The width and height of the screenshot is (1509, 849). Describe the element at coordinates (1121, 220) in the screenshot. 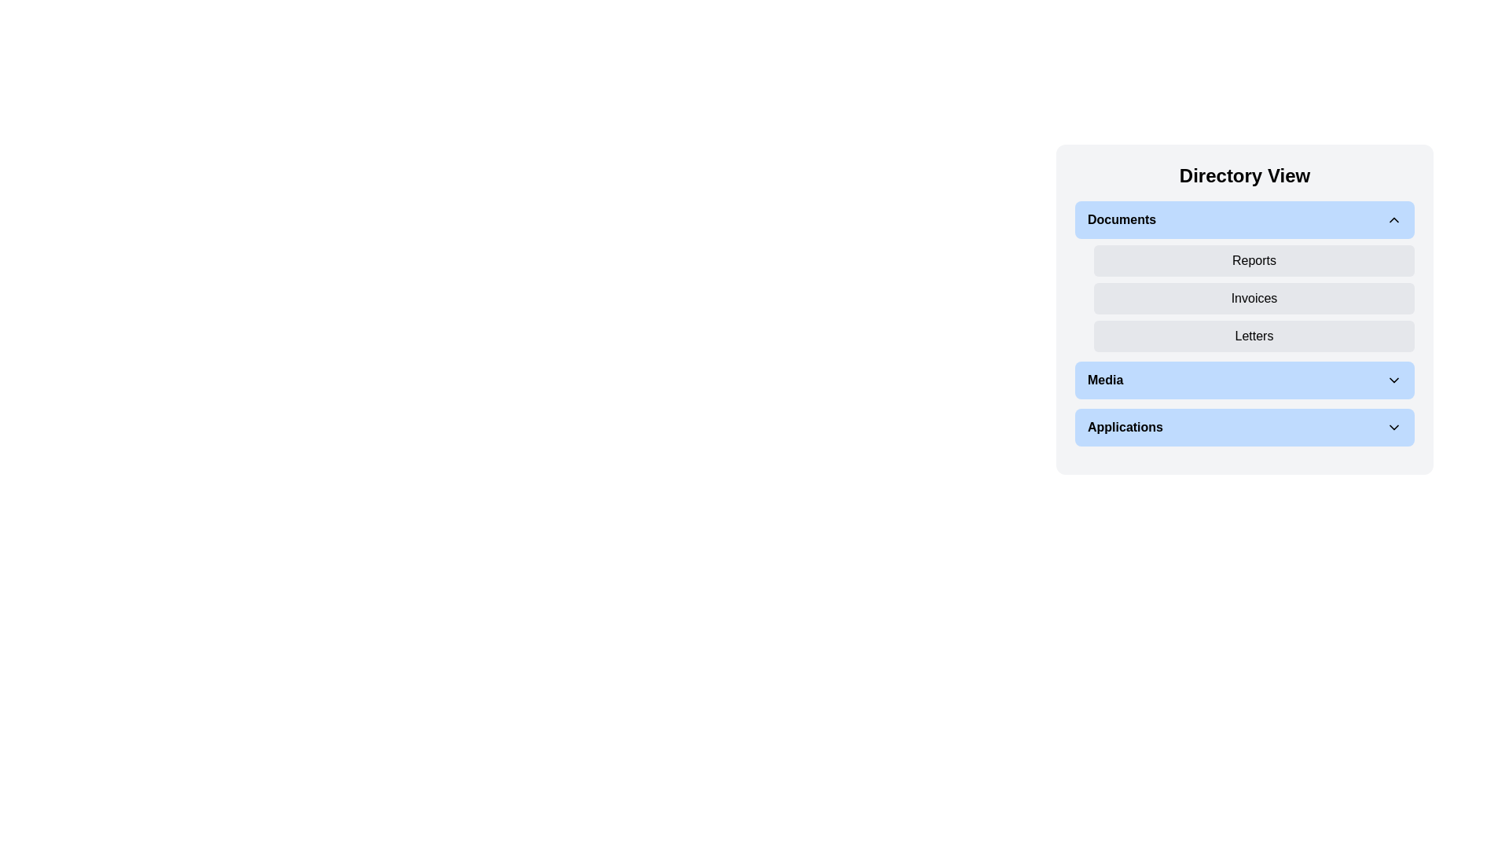

I see `the 'Documents' section header text label in the directory navigation` at that location.